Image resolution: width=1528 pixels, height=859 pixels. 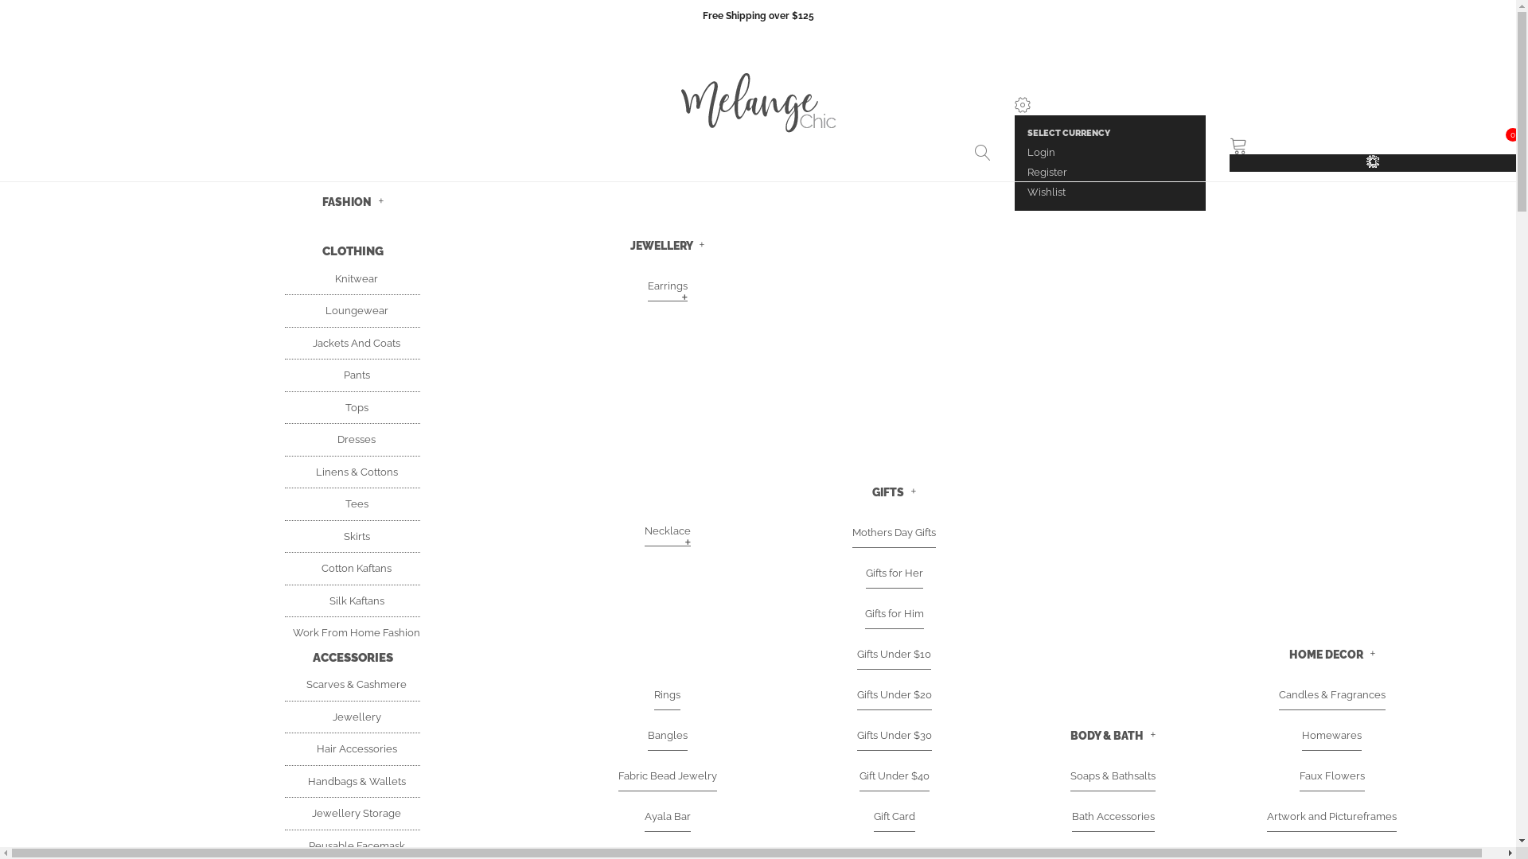 I want to click on 'Scarves & Cashmere', so click(x=351, y=683).